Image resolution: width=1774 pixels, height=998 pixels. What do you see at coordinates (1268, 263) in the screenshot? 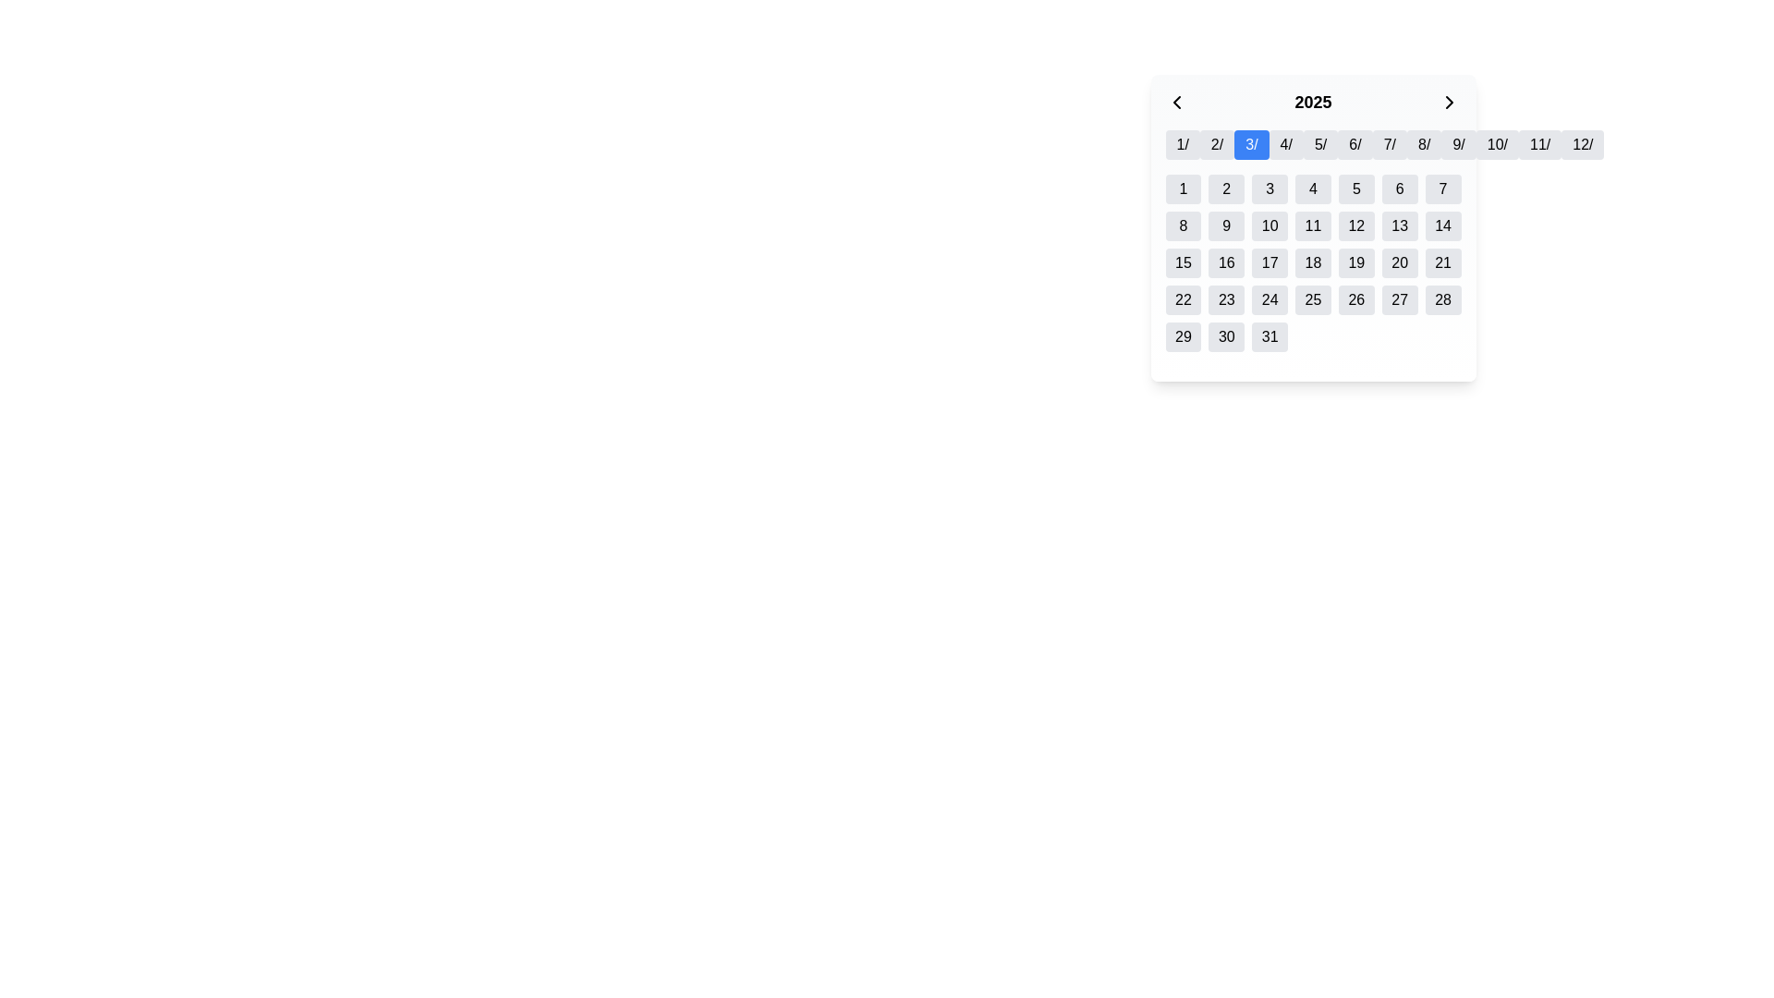
I see `the button displaying the number '17', located` at bounding box center [1268, 263].